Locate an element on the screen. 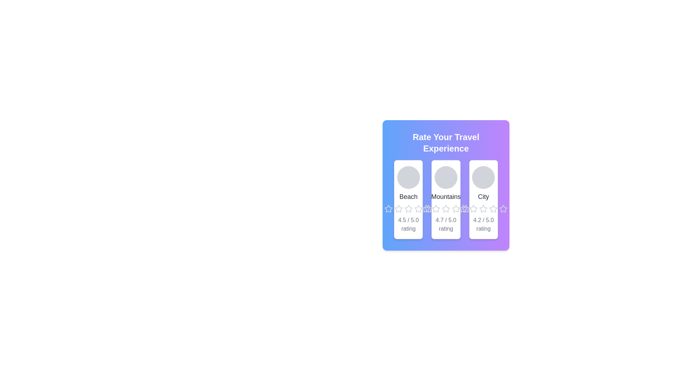 Image resolution: width=684 pixels, height=385 pixels. the leftmost star icon in the 5-star rating system under the 'Beach' rating card to interact and assign a rating is located at coordinates (388, 209).